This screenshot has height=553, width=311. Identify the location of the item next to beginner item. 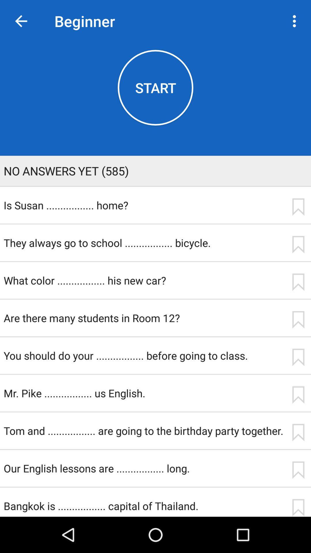
(296, 21).